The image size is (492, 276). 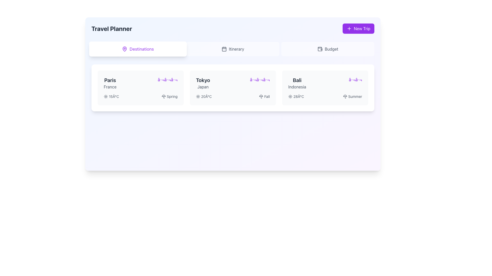 What do you see at coordinates (224, 49) in the screenshot?
I see `the square with rounded corners that is part of the calendar icon group` at bounding box center [224, 49].